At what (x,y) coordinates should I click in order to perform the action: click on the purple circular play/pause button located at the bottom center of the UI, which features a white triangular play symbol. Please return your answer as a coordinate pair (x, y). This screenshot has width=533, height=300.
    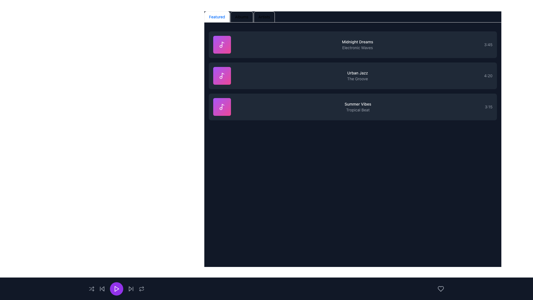
    Looking at the image, I should click on (116, 289).